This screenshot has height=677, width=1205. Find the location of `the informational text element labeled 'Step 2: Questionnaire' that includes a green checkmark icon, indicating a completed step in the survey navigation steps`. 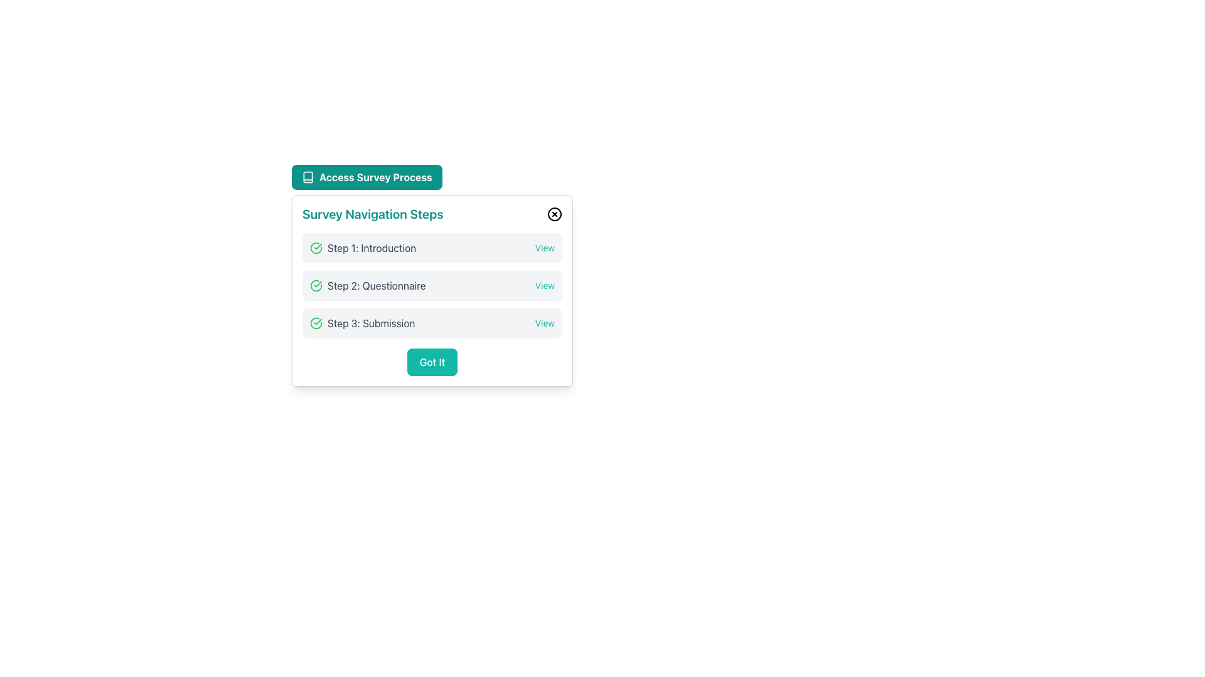

the informational text element labeled 'Step 2: Questionnaire' that includes a green checkmark icon, indicating a completed step in the survey navigation steps is located at coordinates (367, 285).